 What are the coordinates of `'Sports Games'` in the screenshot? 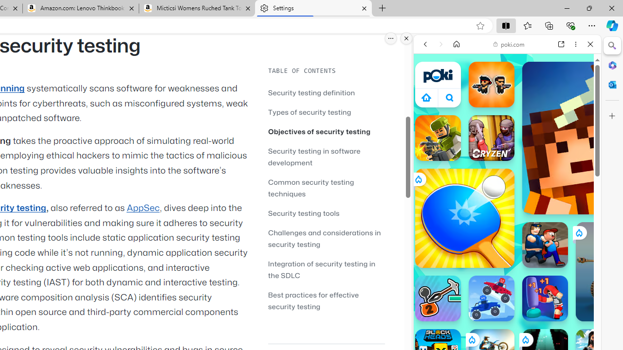 It's located at (507, 324).